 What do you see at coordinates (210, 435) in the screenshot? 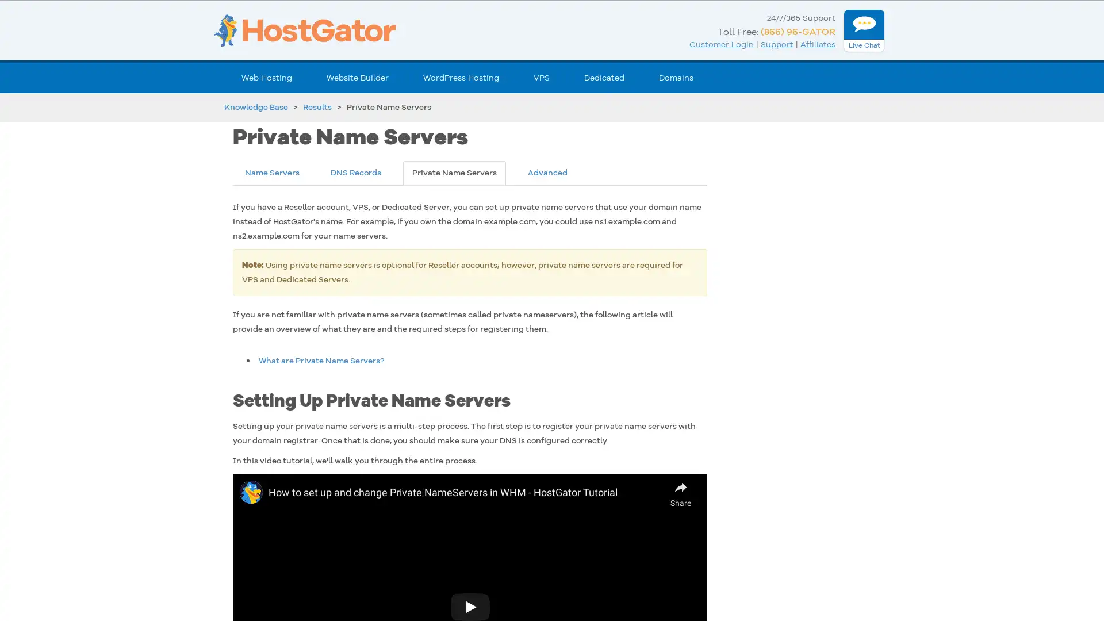
I see `Close` at bounding box center [210, 435].